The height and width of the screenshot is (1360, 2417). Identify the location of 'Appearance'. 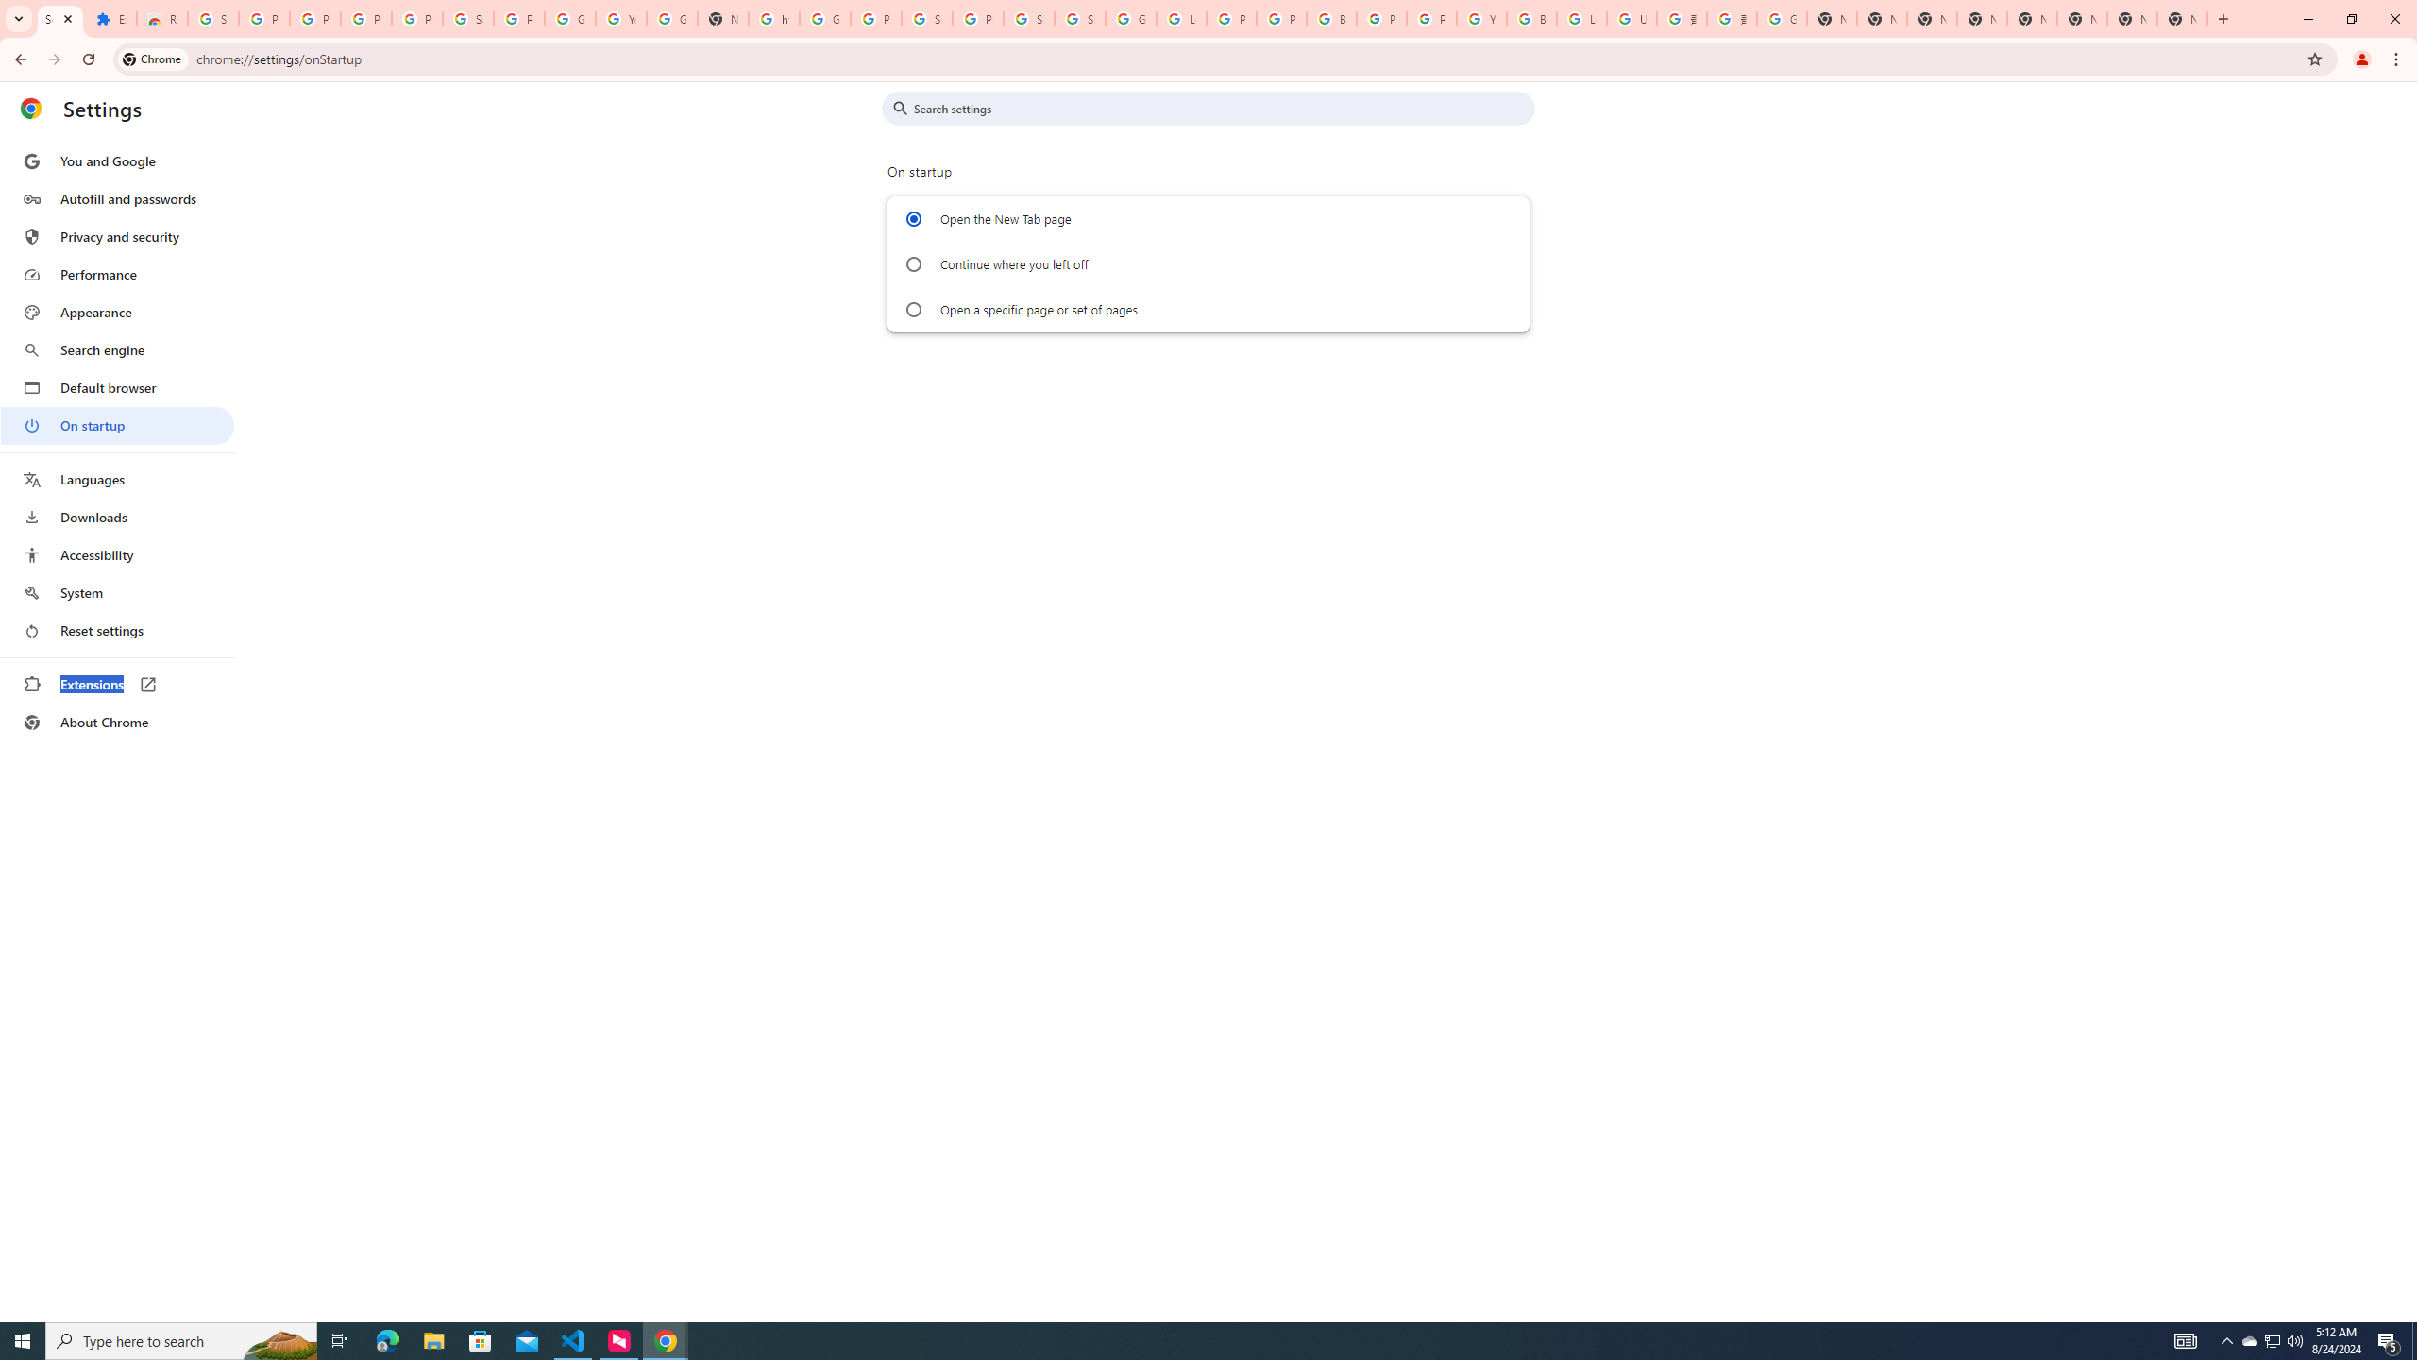
(116, 312).